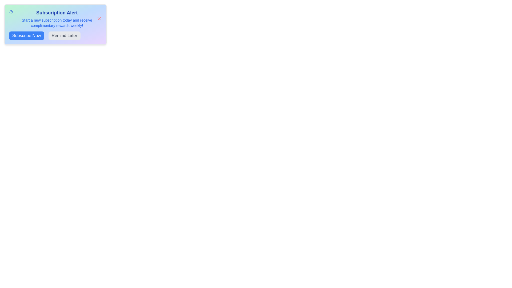 This screenshot has height=288, width=512. I want to click on the 'Subscribe Now' button to observe its hover effect, so click(26, 36).